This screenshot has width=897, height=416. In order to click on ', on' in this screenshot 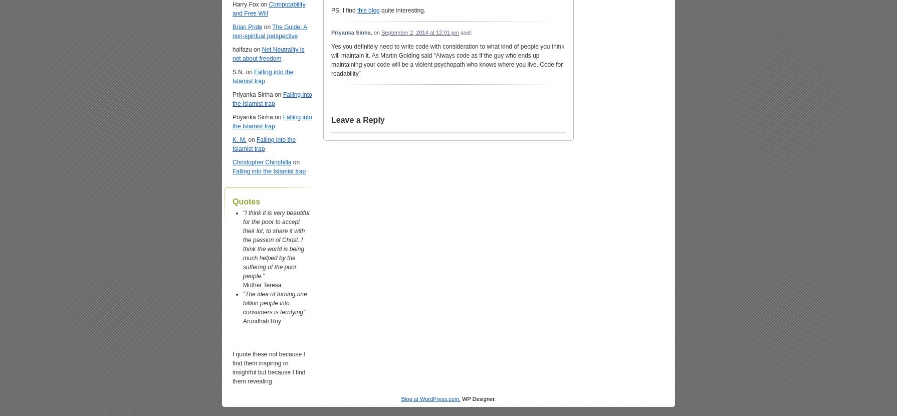, I will do `click(375, 31)`.